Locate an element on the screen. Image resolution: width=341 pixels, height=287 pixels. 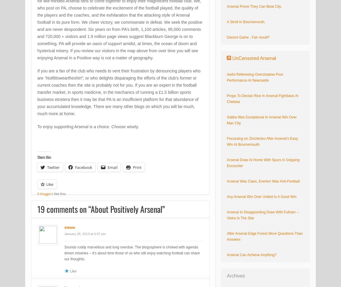
'After Arsenal Edge Forest More Questions Than Answers' is located at coordinates (264, 236).